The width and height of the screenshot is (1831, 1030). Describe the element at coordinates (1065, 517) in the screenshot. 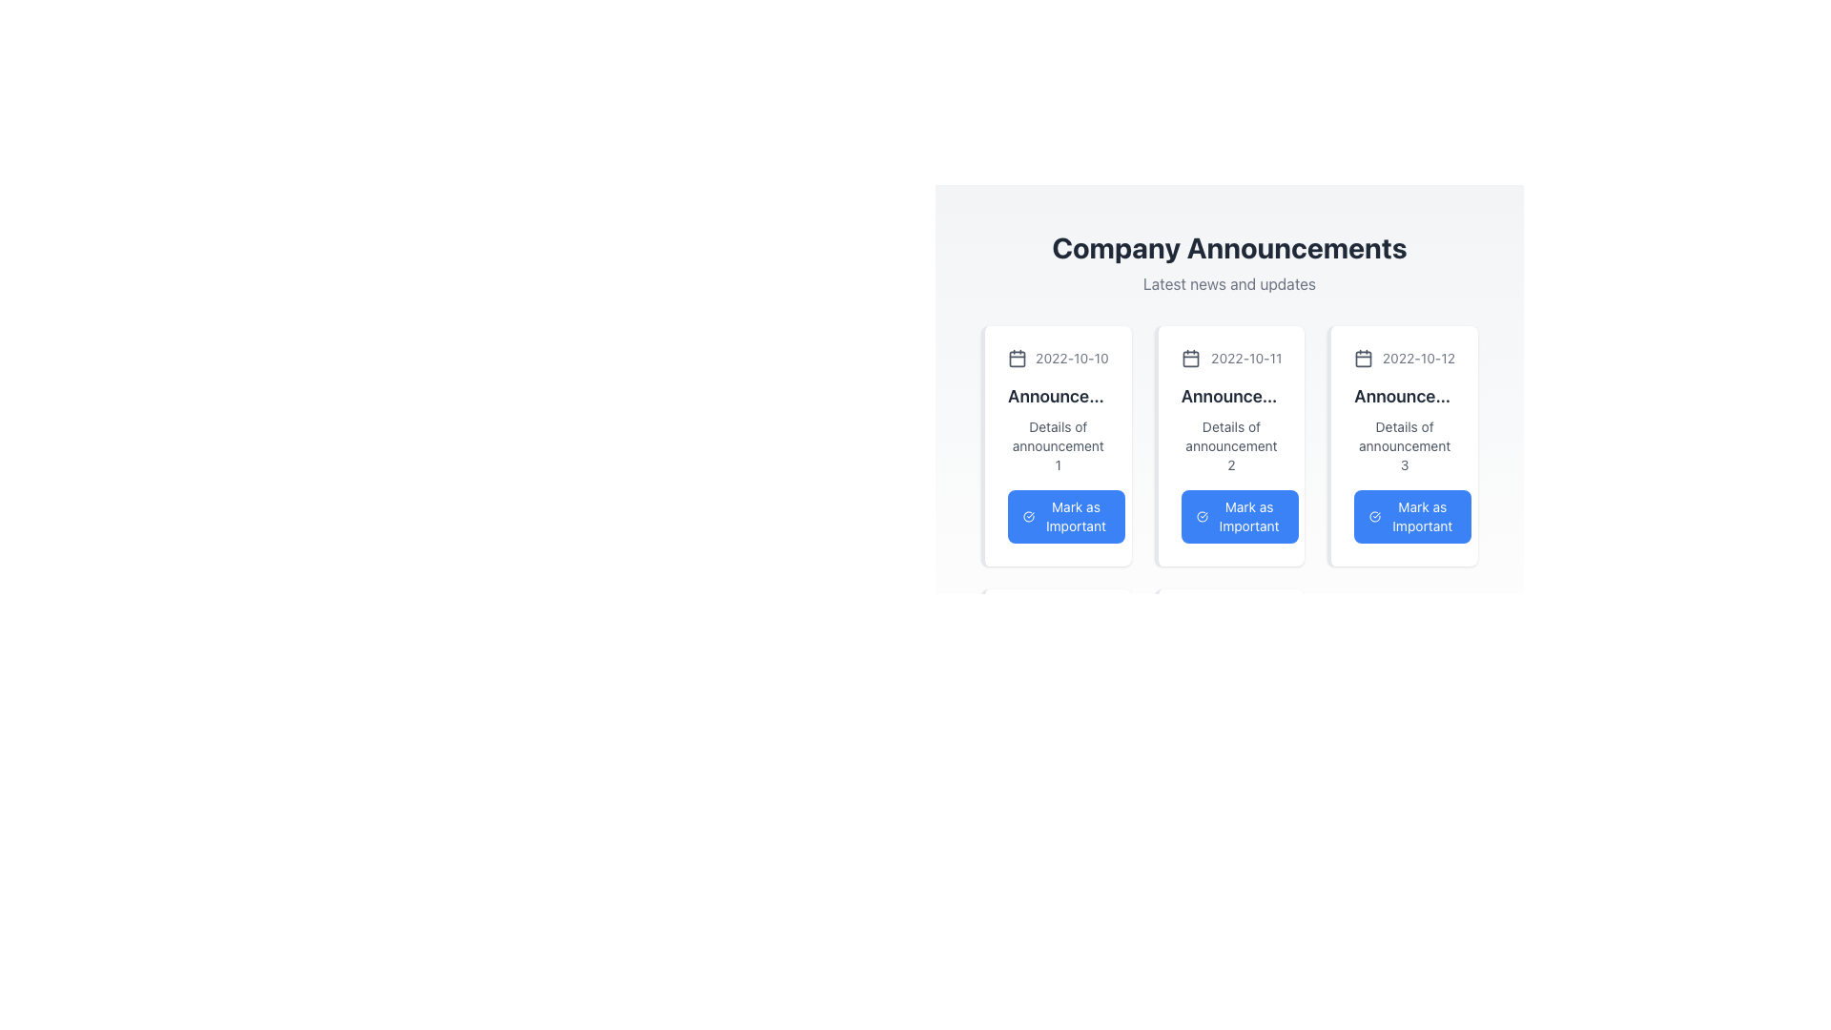

I see `the 'Mark as Important' button, which has a bright blue background and white text, positioned at the bottom of the leftmost announcement card under 'Company Announcements'` at that location.